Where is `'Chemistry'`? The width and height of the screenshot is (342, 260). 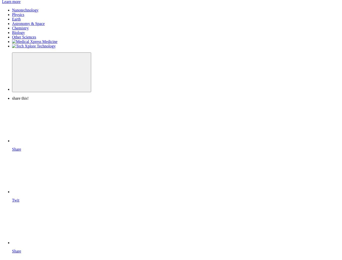
'Chemistry' is located at coordinates (20, 28).